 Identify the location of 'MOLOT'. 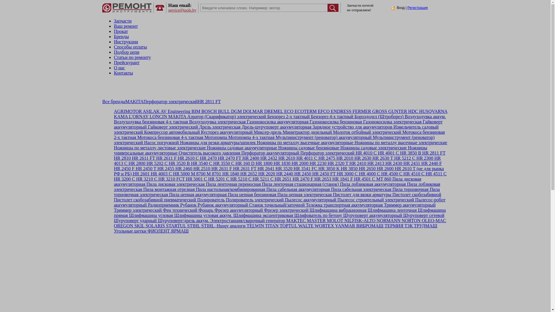
(334, 220).